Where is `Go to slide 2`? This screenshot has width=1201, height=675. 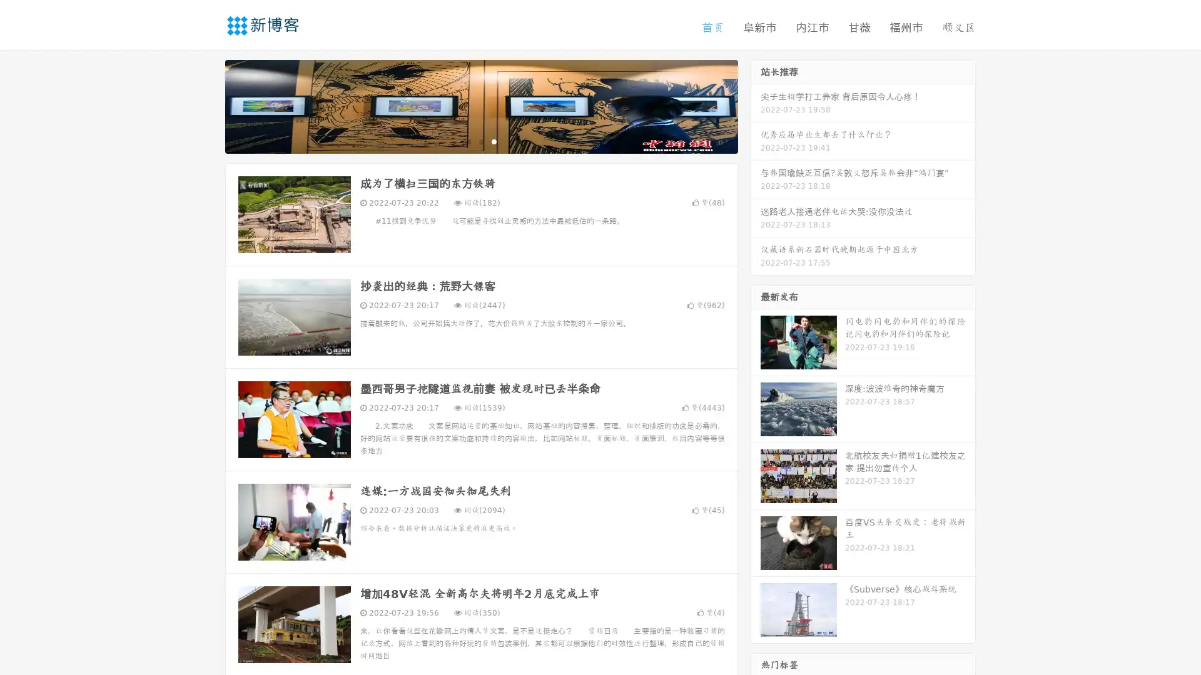
Go to slide 2 is located at coordinates (480, 141).